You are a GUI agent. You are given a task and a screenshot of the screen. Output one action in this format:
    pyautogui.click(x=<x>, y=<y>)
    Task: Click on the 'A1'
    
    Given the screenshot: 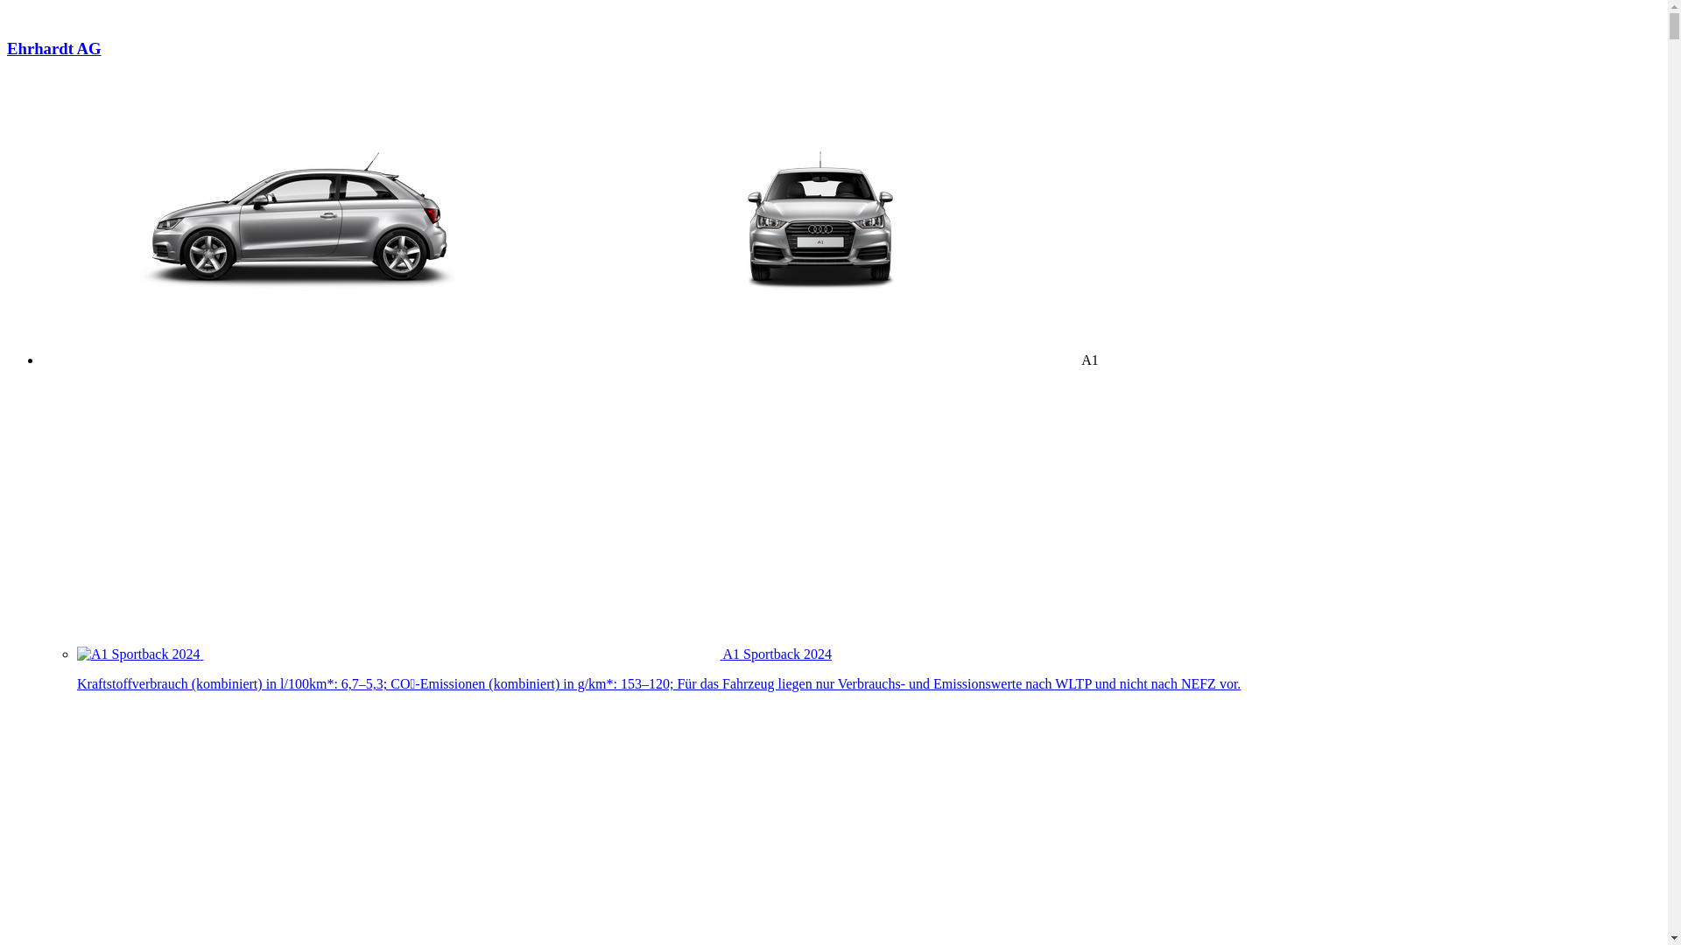 What is the action you would take?
    pyautogui.click(x=570, y=359)
    